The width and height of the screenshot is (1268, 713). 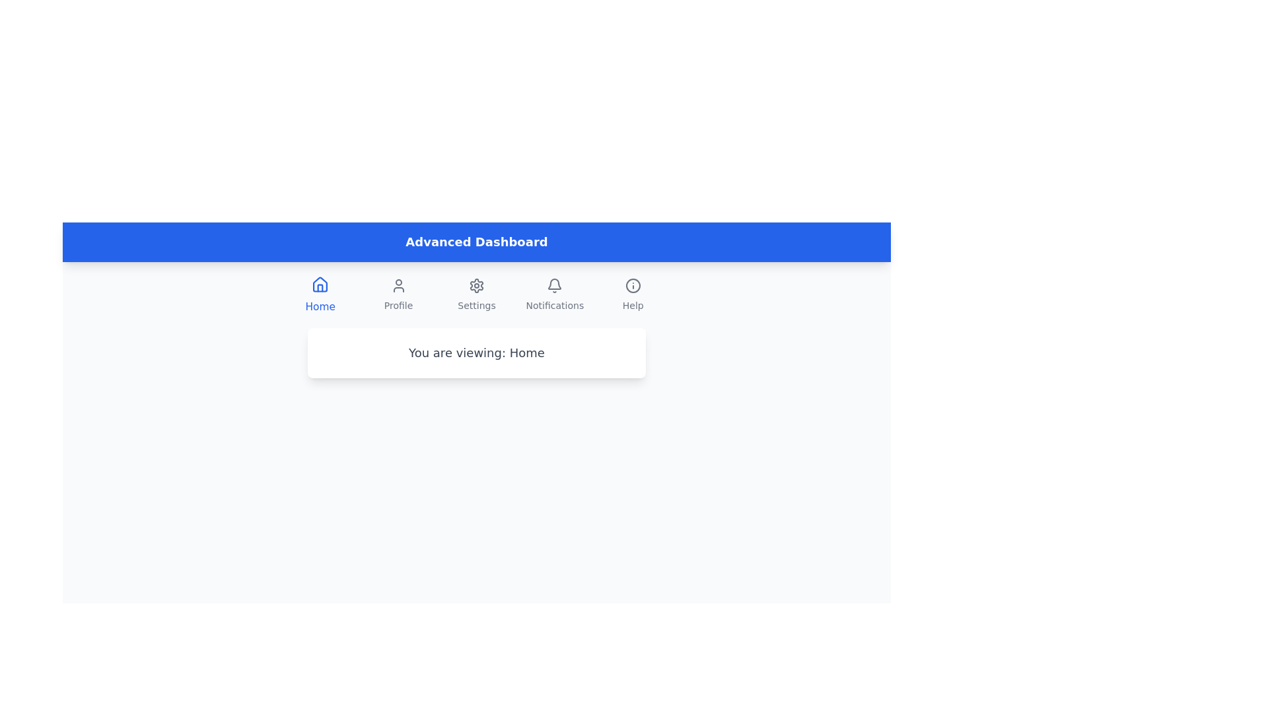 What do you see at coordinates (398, 294) in the screenshot?
I see `the 'Profile' navigation item, which features a user silhouette icon and the label 'Profile', to trigger the color change and enlargement effect` at bounding box center [398, 294].